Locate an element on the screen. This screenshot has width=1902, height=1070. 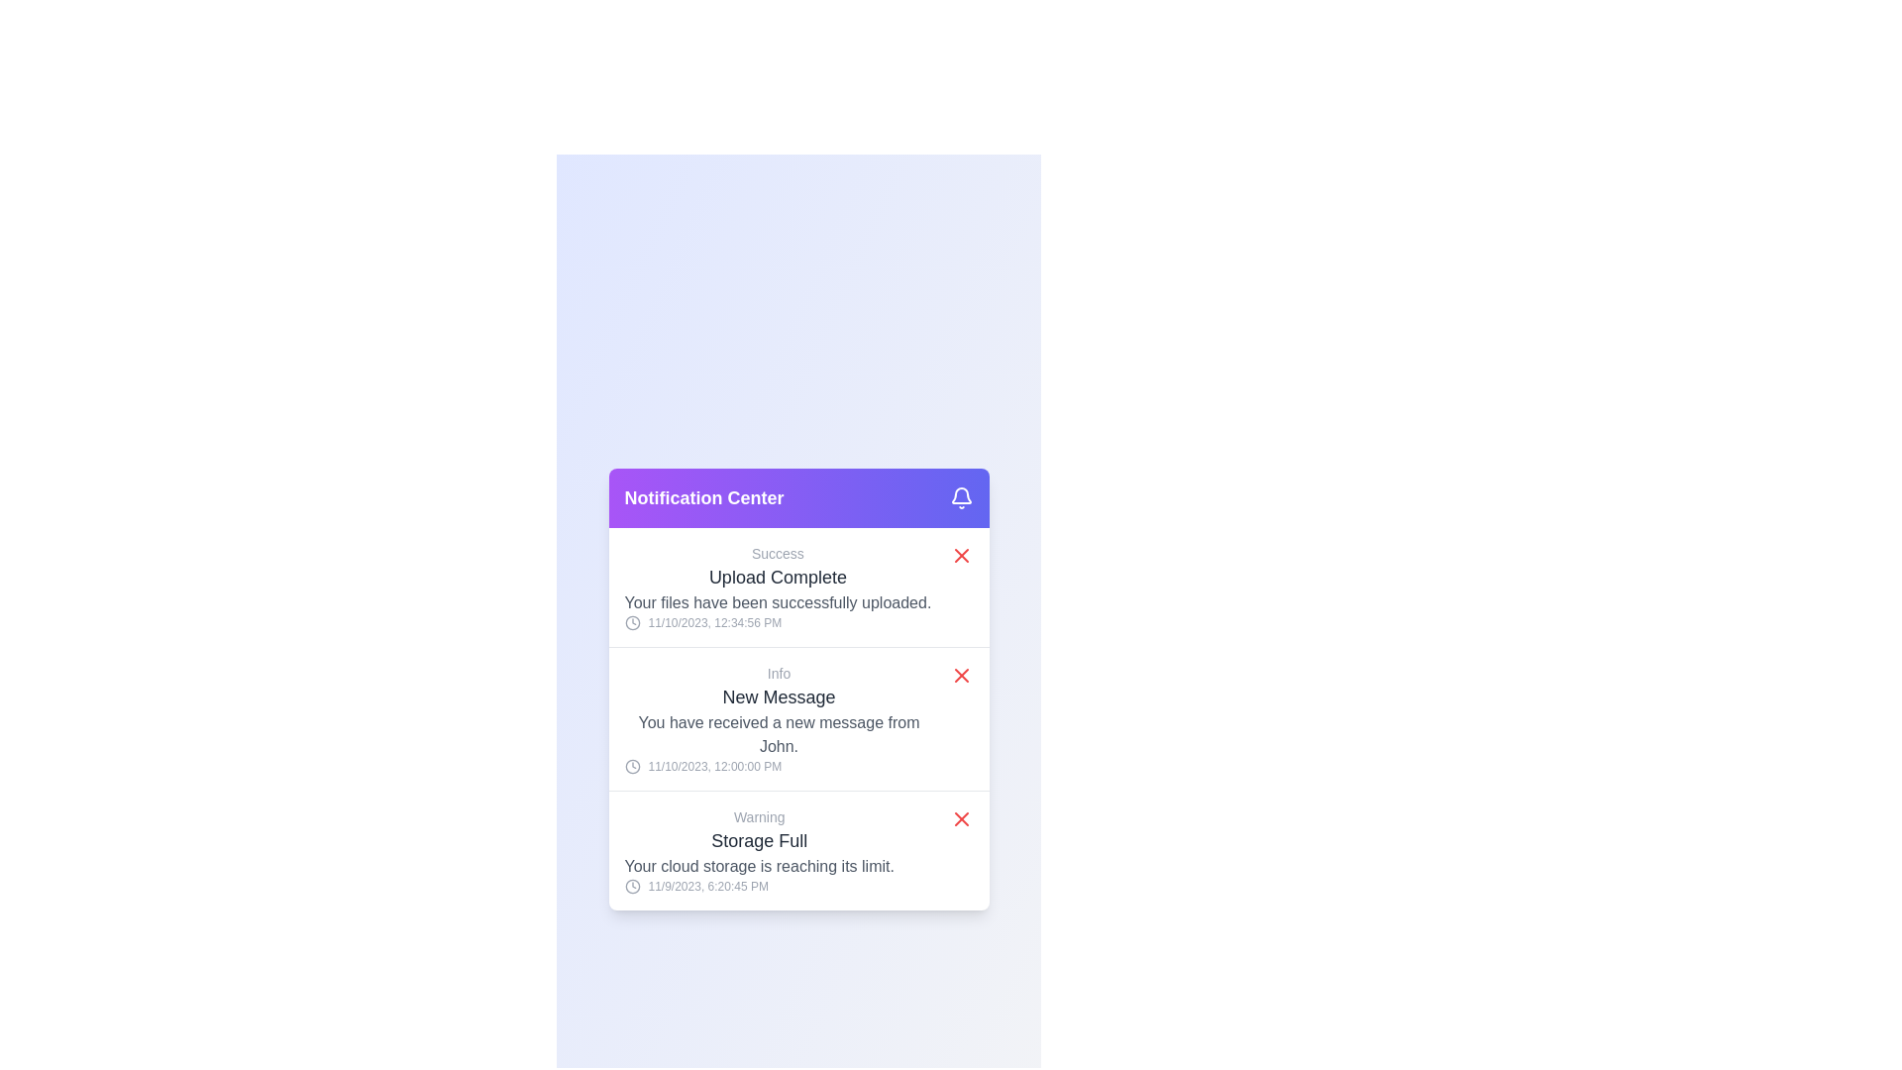
the notification icon located in the top-right corner of the purple header bar of the notification panel, which serves as an indicator for notifications is located at coordinates (961, 494).